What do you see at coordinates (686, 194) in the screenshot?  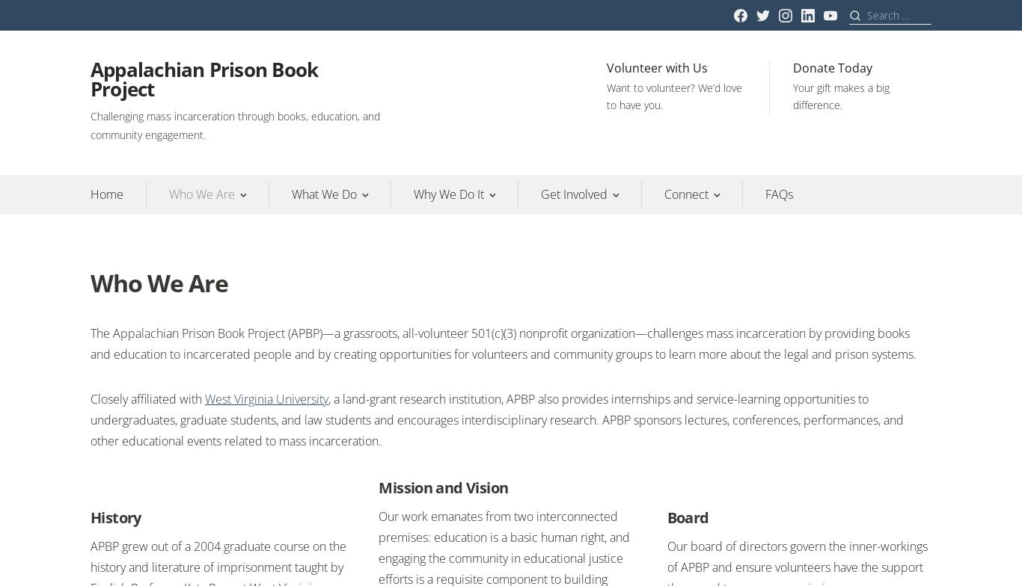 I see `'Connect'` at bounding box center [686, 194].